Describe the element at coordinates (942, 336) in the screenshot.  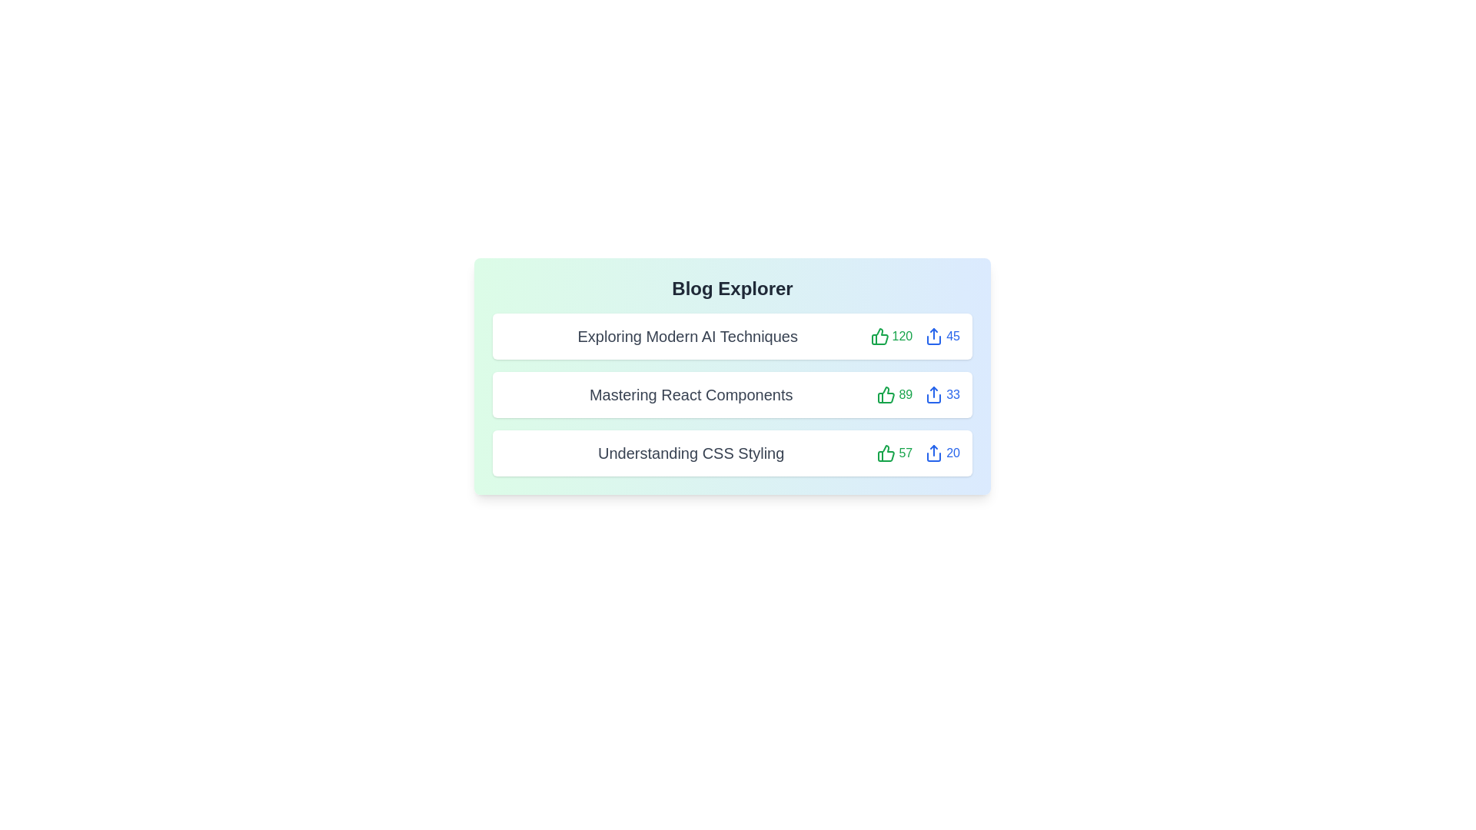
I see `the share button for the blog post titled 'Exploring Modern AI Techniques'` at that location.